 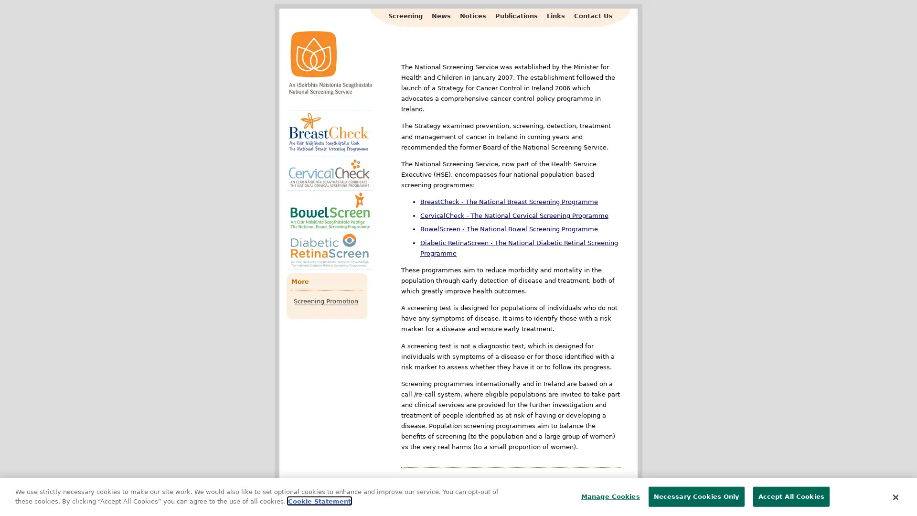 What do you see at coordinates (696, 495) in the screenshot?
I see `Necessary Cookies Only` at bounding box center [696, 495].